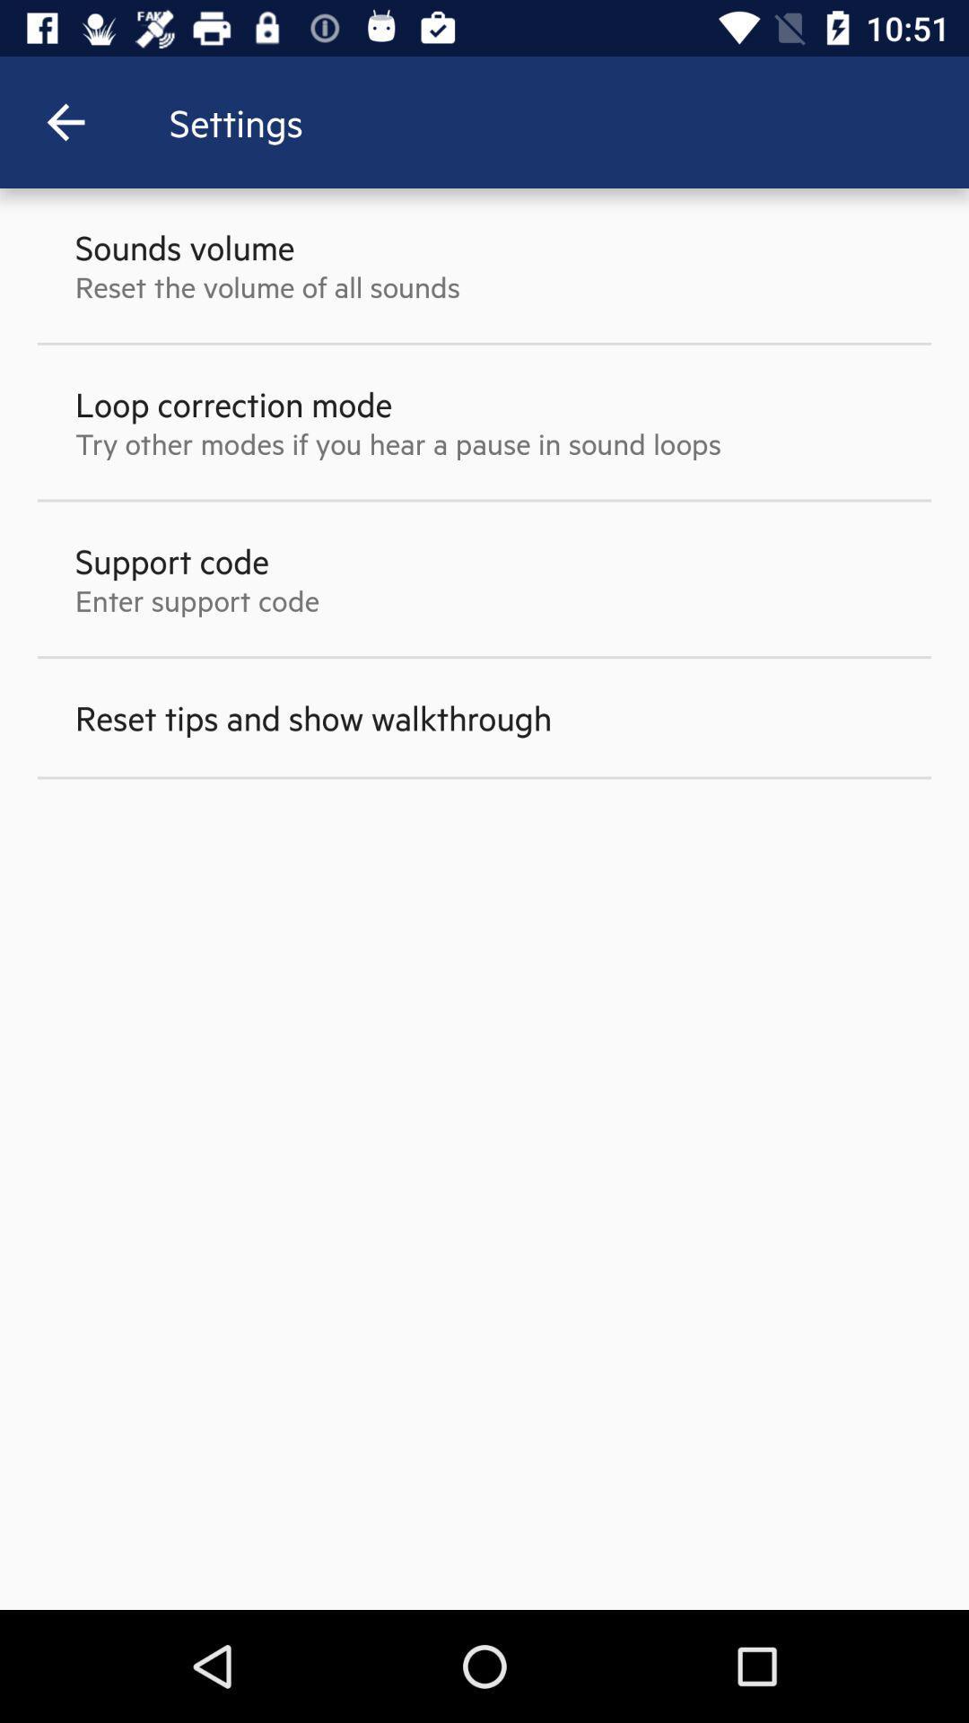 Image resolution: width=969 pixels, height=1723 pixels. What do you see at coordinates (65, 121) in the screenshot?
I see `icon above the sounds volume icon` at bounding box center [65, 121].